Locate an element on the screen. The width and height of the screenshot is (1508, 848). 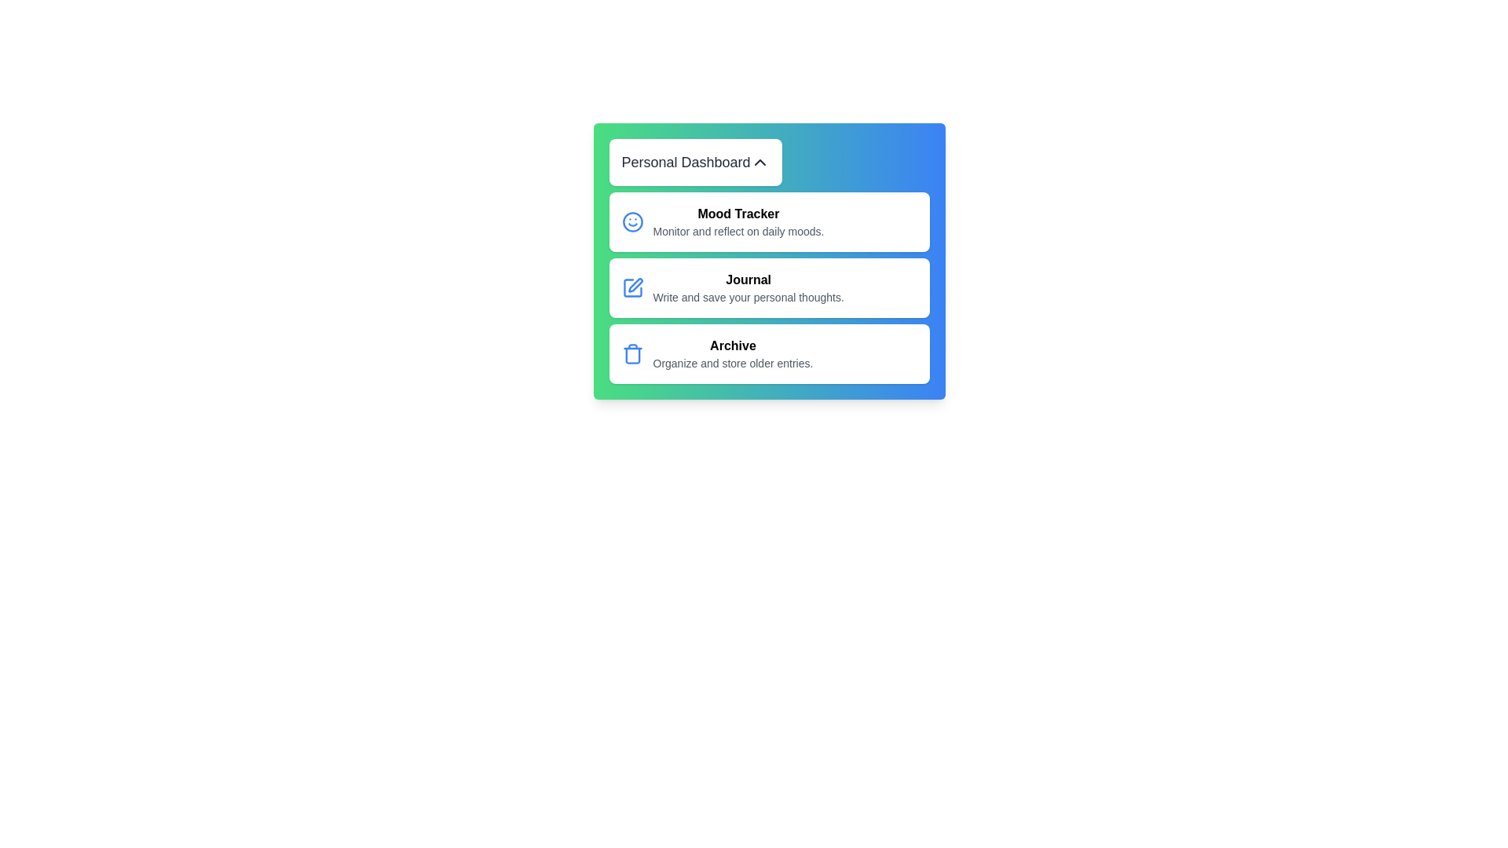
the icon next to the menu item Journal is located at coordinates (632, 287).